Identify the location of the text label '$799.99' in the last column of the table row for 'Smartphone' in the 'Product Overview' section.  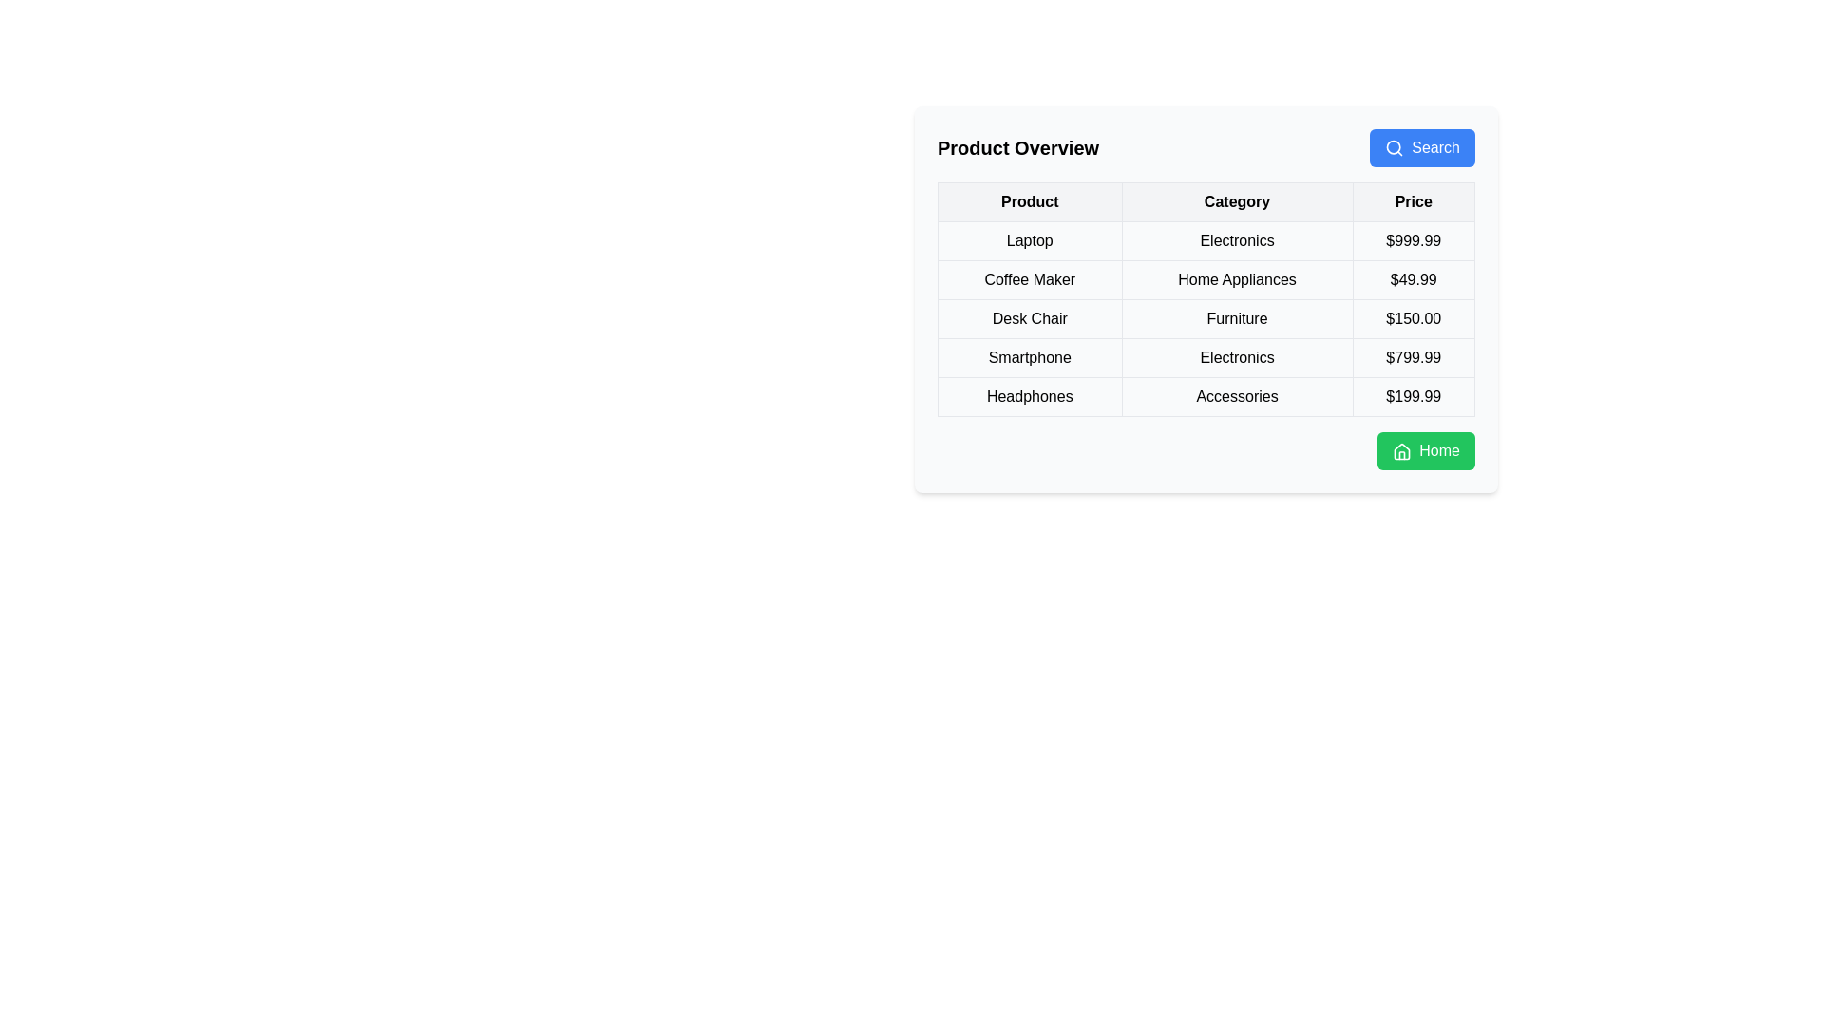
(1414, 358).